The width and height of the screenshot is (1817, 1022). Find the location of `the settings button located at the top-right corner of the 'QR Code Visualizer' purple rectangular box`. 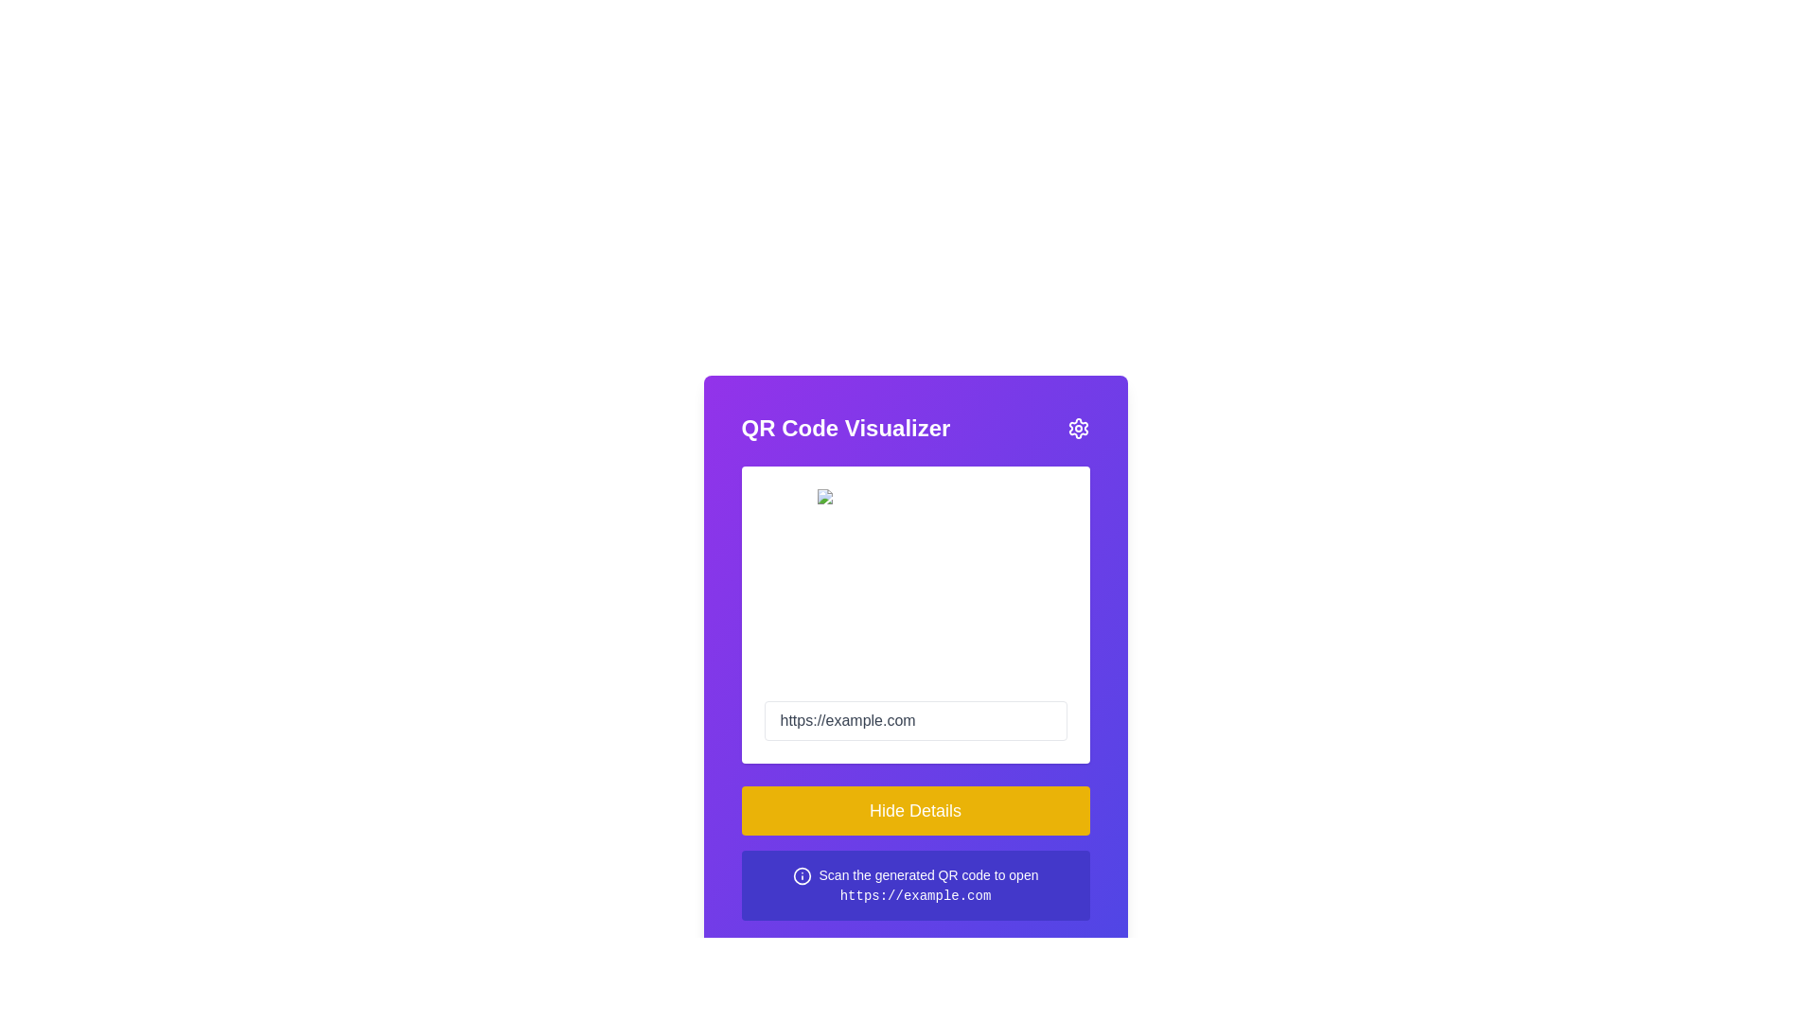

the settings button located at the top-right corner of the 'QR Code Visualizer' purple rectangular box is located at coordinates (1078, 428).